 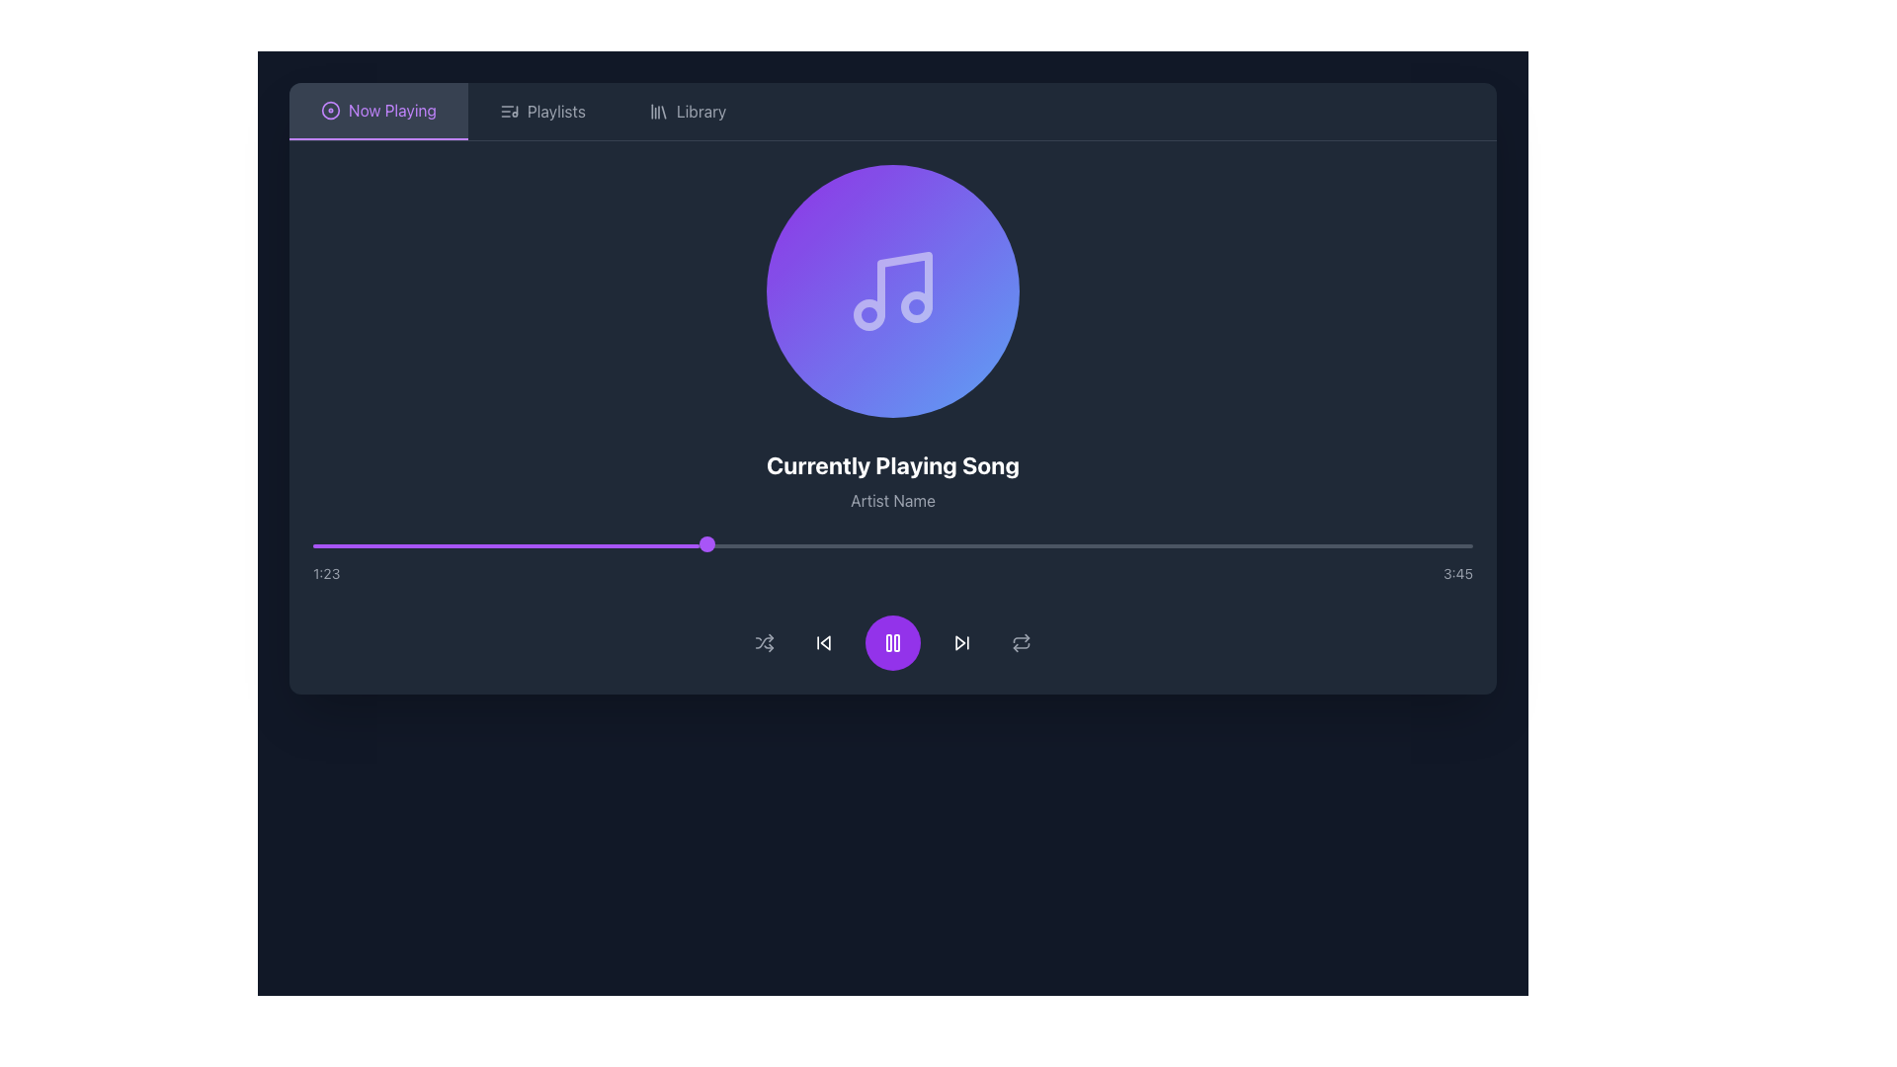 I want to click on the musical note icon, which is an SVG graphic styled in subdued opacity white, located centrally within a circular gradient background transitioning from purple to blue, so click(x=891, y=290).